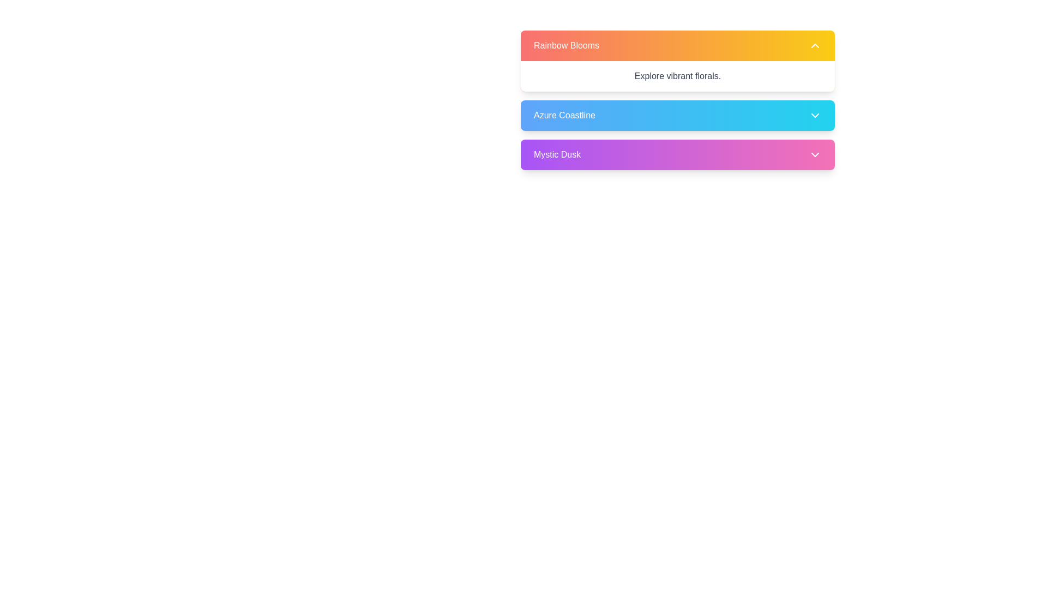 The image size is (1047, 589). I want to click on the non-interactive text label 'Azure Coastline' which is centrally aligned within a blue bar, positioned below 'Rainbow Blooms' and above 'Mystic Dusk', so click(564, 116).